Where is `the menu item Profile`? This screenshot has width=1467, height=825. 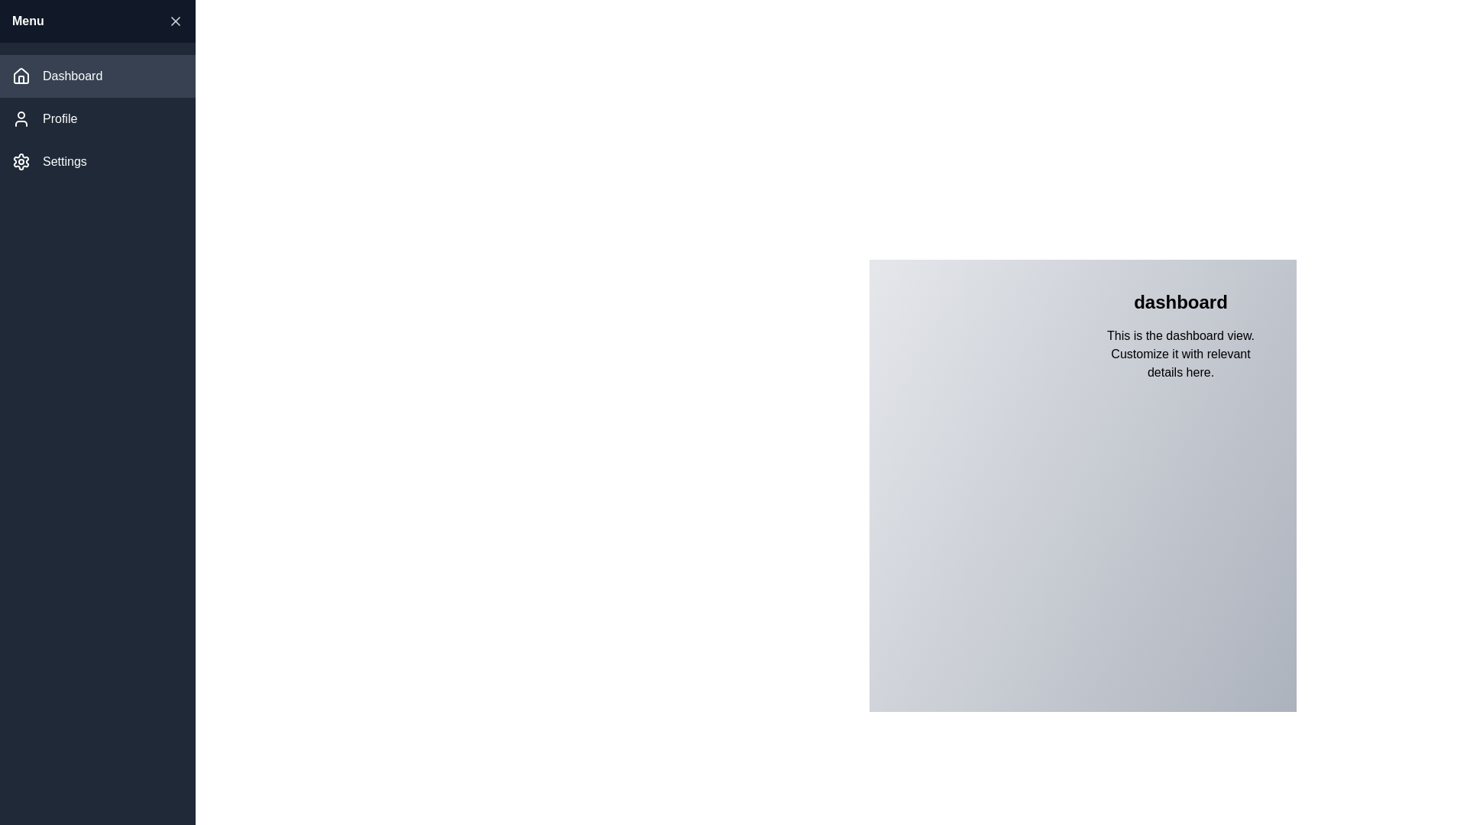 the menu item Profile is located at coordinates (97, 118).